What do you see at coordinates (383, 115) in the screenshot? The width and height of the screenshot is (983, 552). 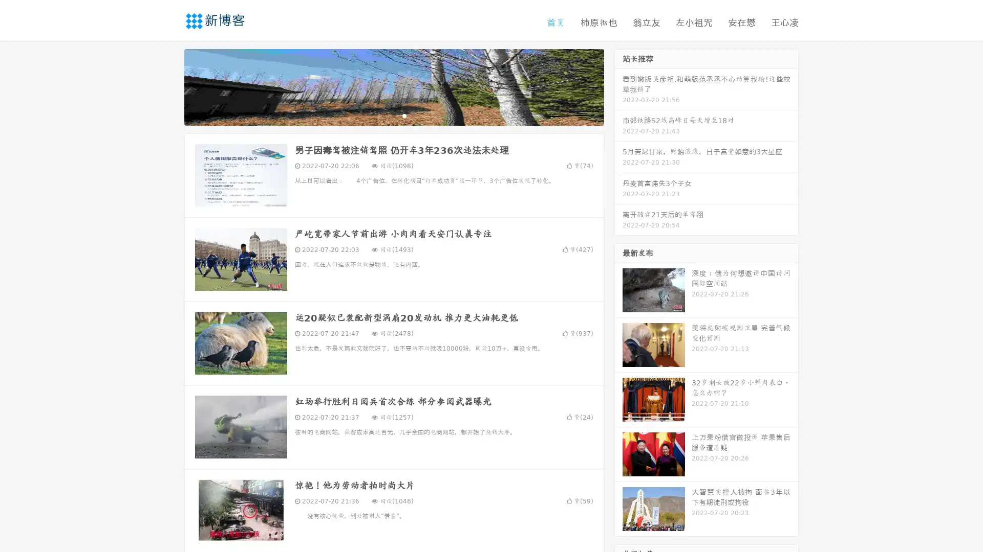 I see `Go to slide 1` at bounding box center [383, 115].